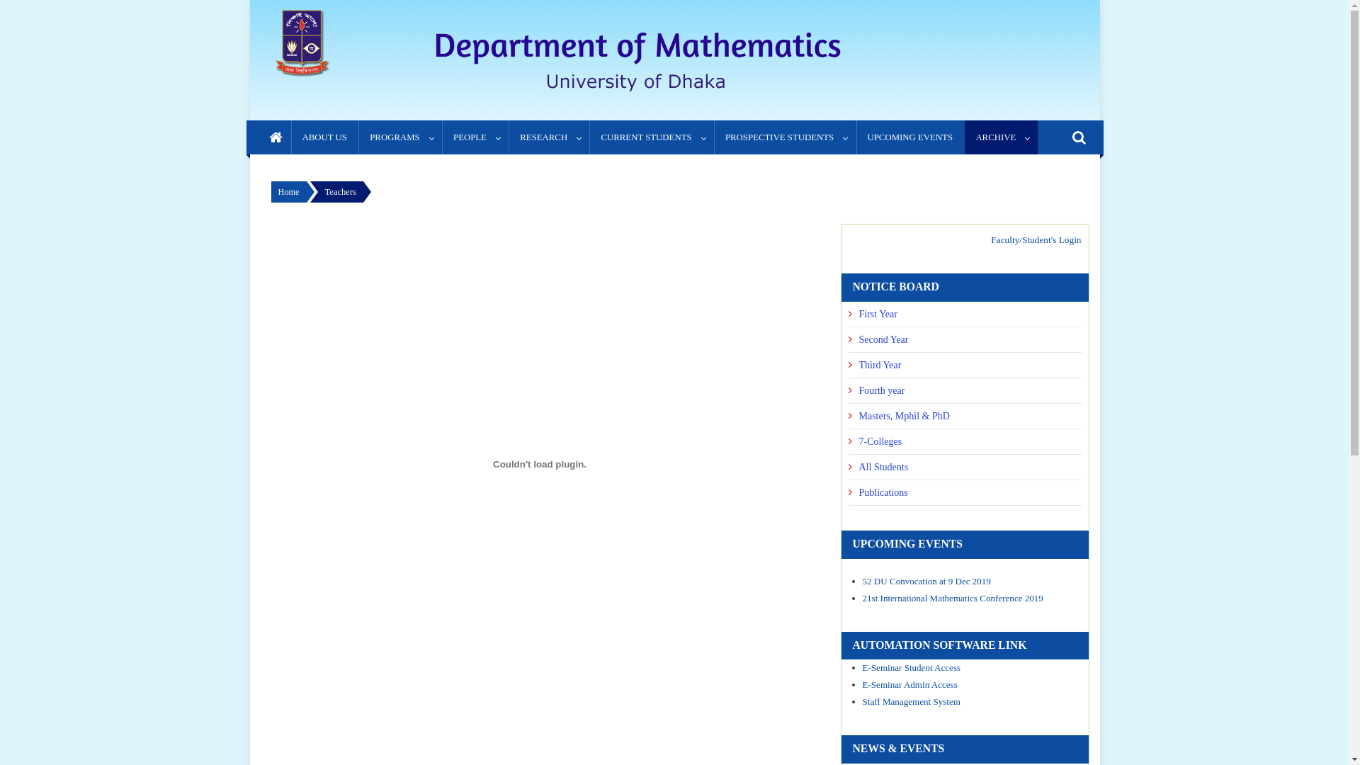 This screenshot has height=765, width=1360. I want to click on 'E-Seminar Admin Access', so click(910, 684).